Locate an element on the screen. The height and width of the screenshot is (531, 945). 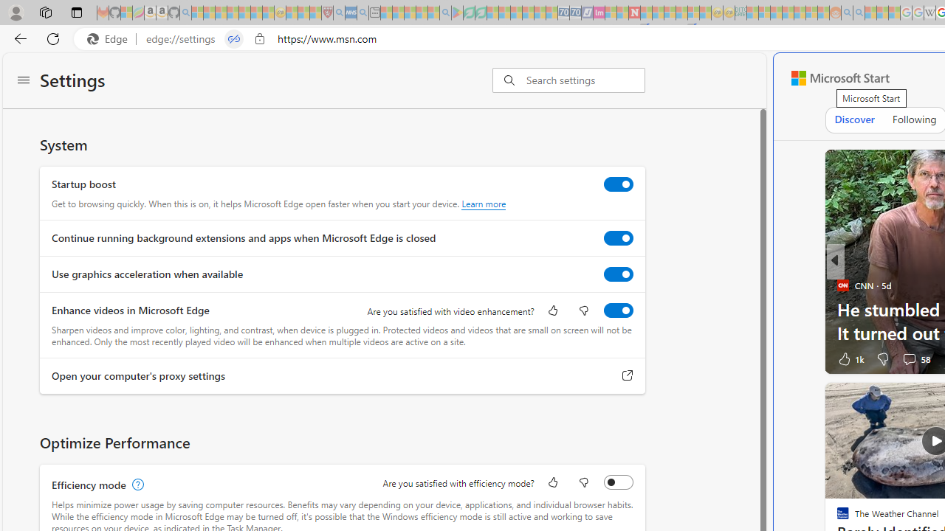
'Startup boost' is located at coordinates (618, 183).